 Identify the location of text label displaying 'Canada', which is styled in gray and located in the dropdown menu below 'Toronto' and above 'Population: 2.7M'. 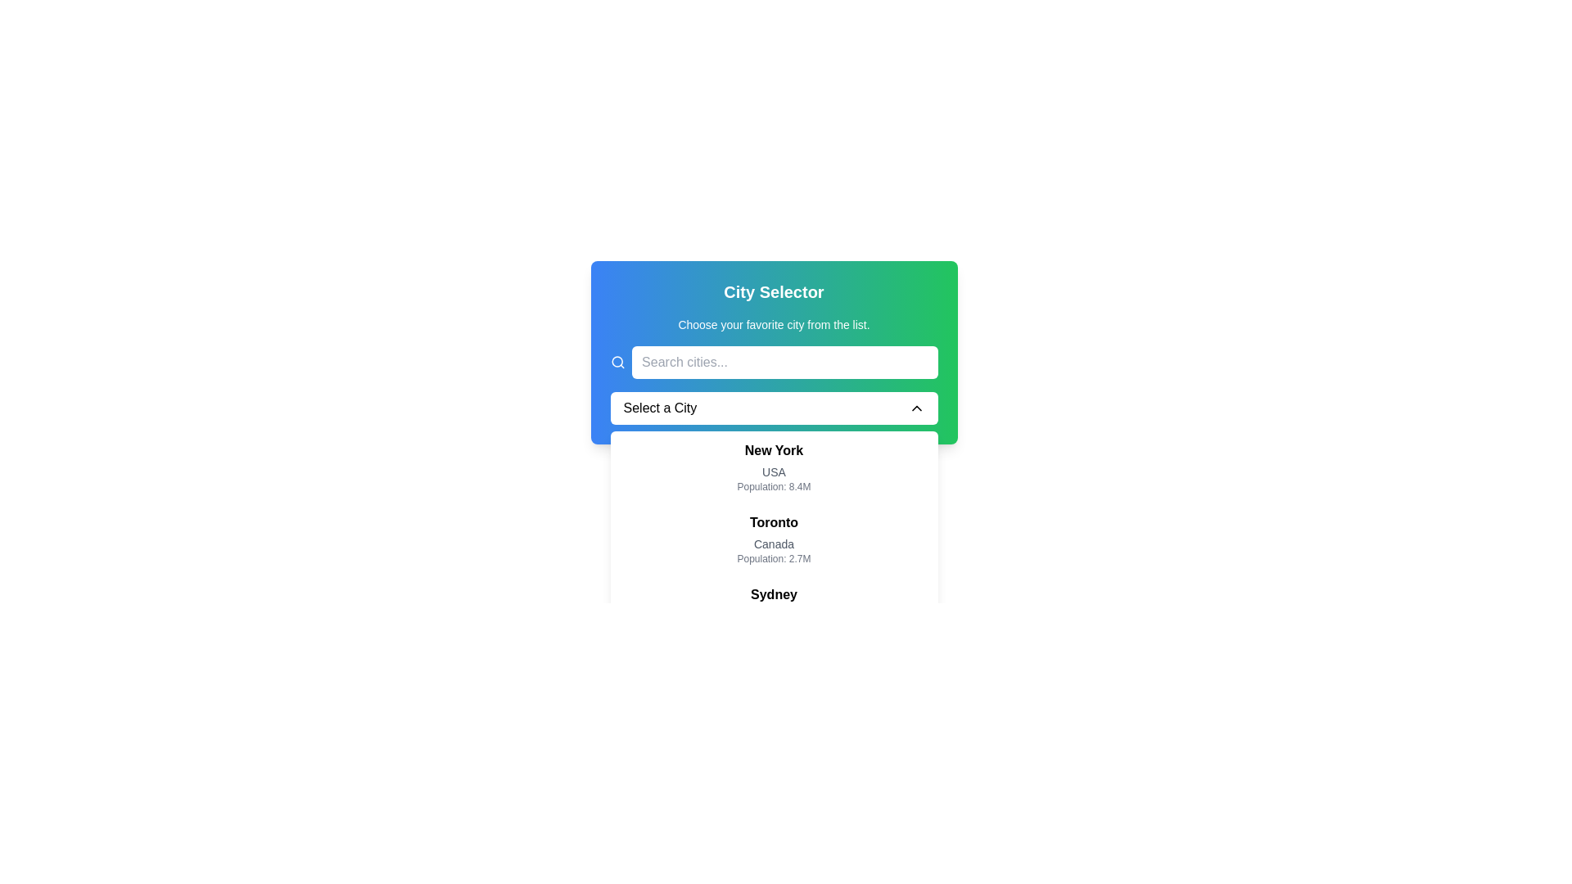
(773, 543).